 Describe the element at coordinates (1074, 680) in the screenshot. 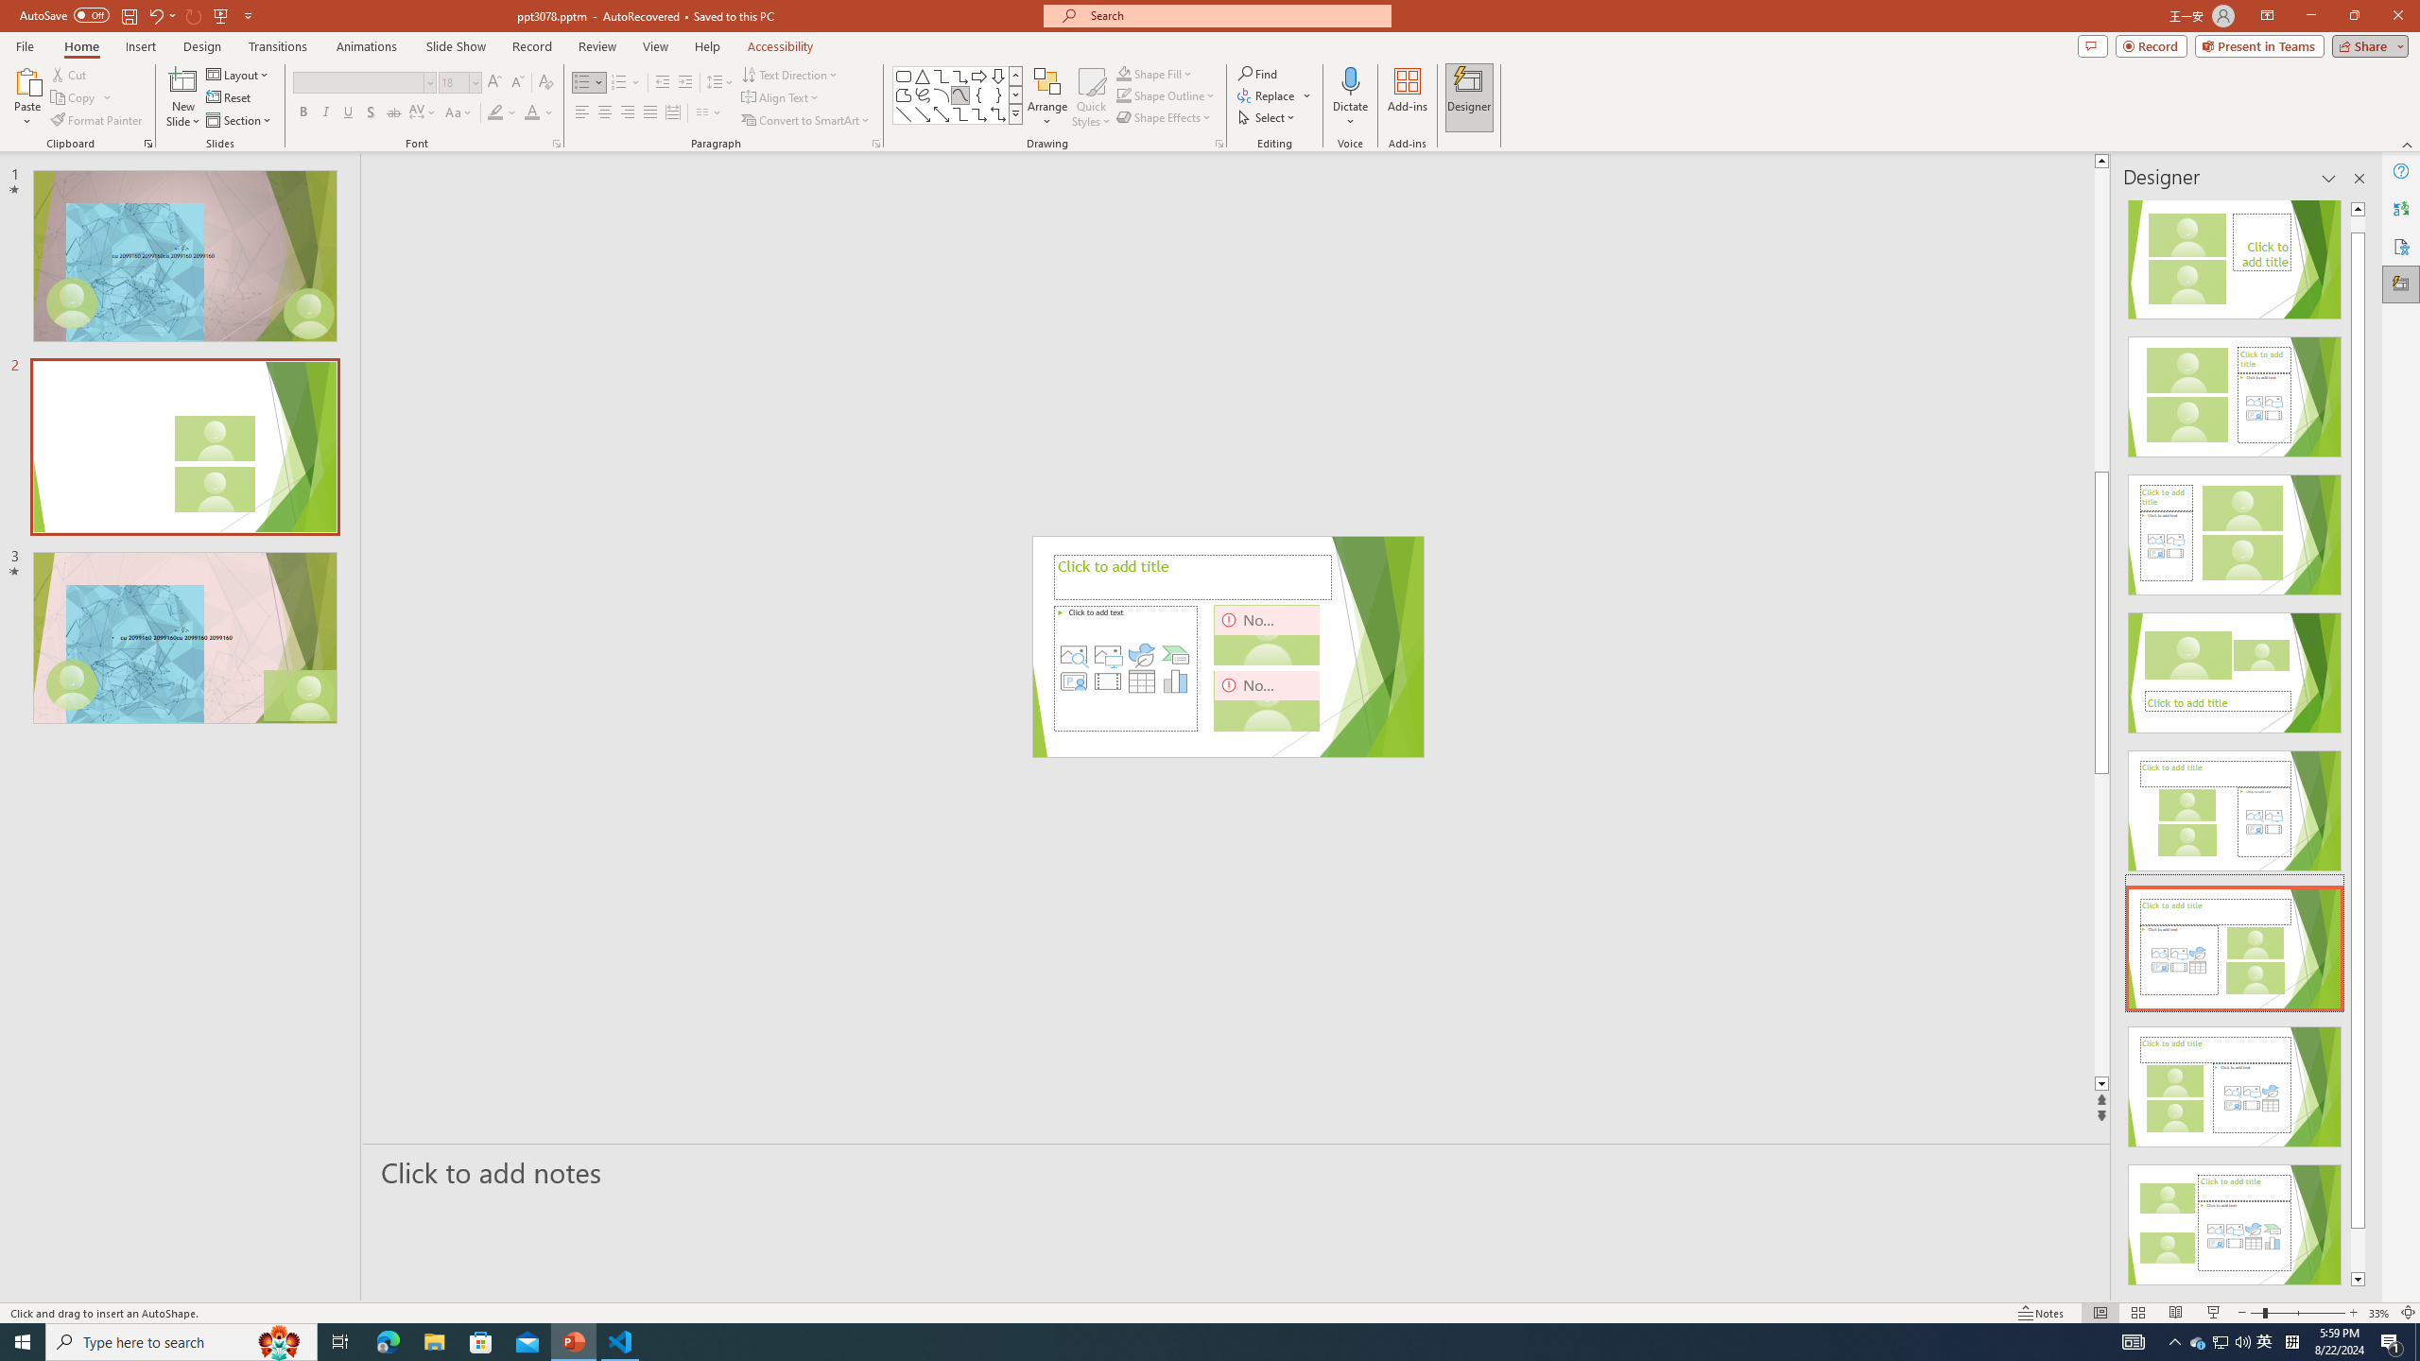

I see `'Insert Cameo'` at that location.